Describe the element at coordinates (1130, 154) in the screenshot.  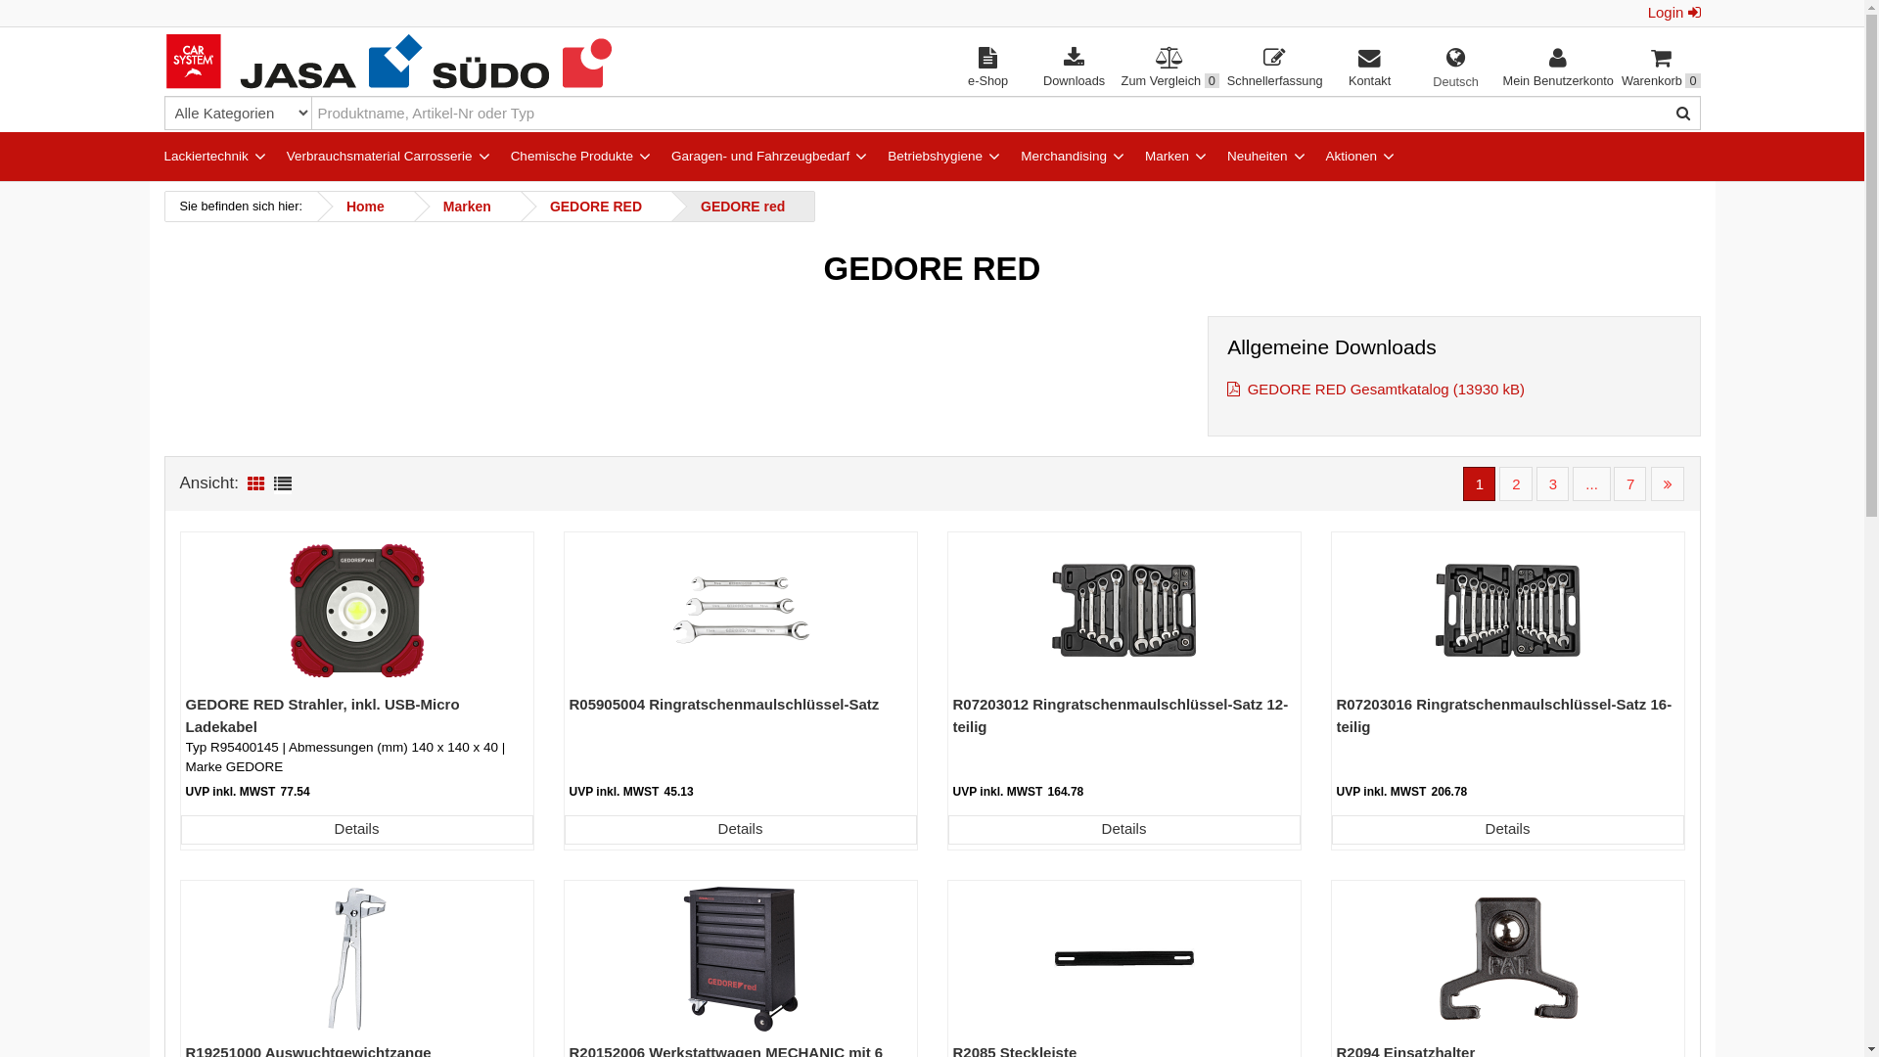
I see `'Marken'` at that location.